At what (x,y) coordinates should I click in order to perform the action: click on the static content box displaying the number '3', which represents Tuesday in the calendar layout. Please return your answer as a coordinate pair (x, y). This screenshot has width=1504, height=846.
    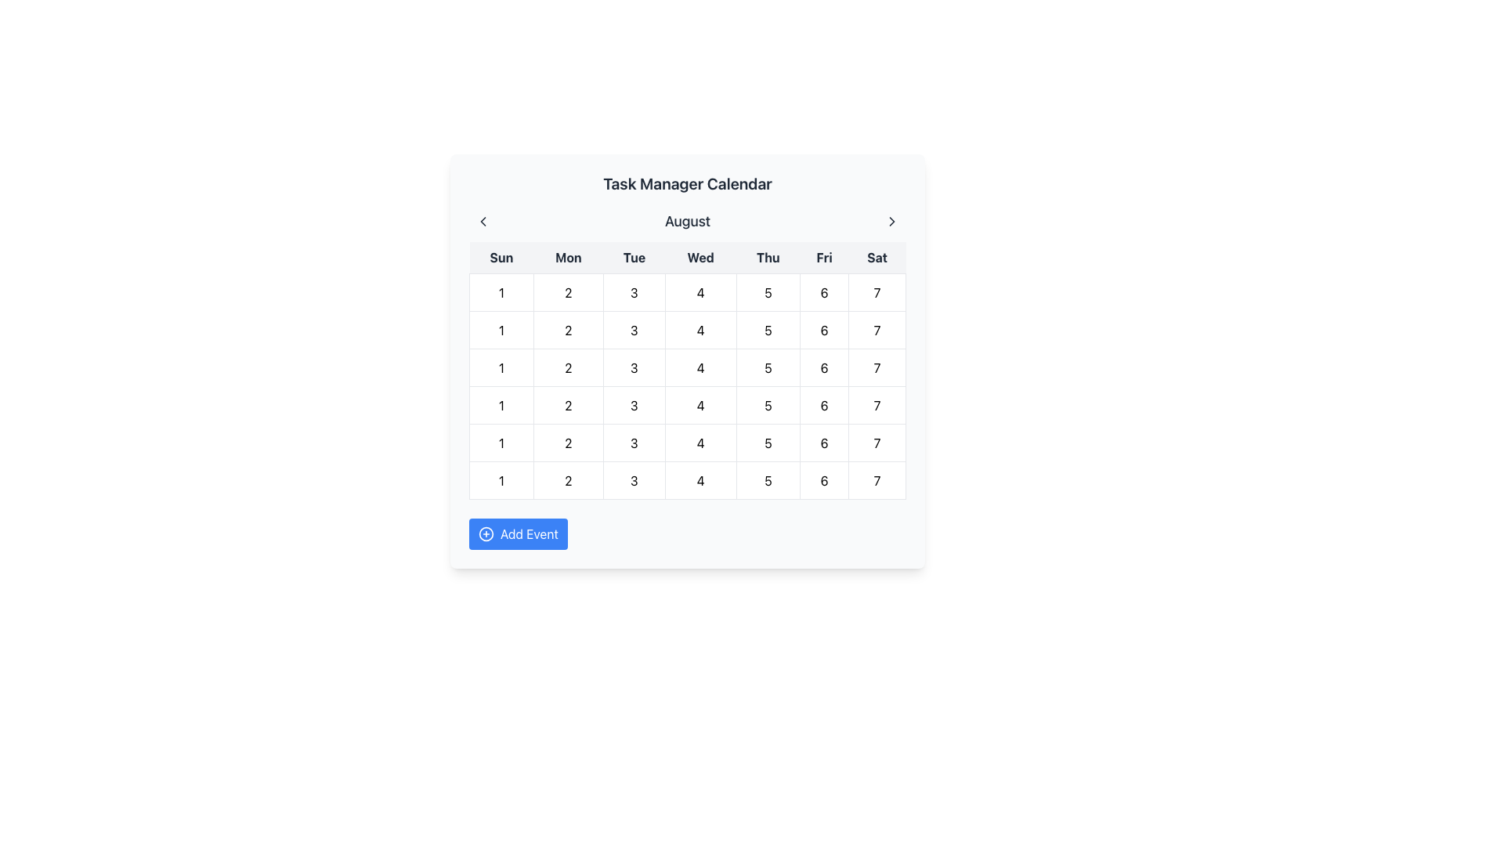
    Looking at the image, I should click on (634, 367).